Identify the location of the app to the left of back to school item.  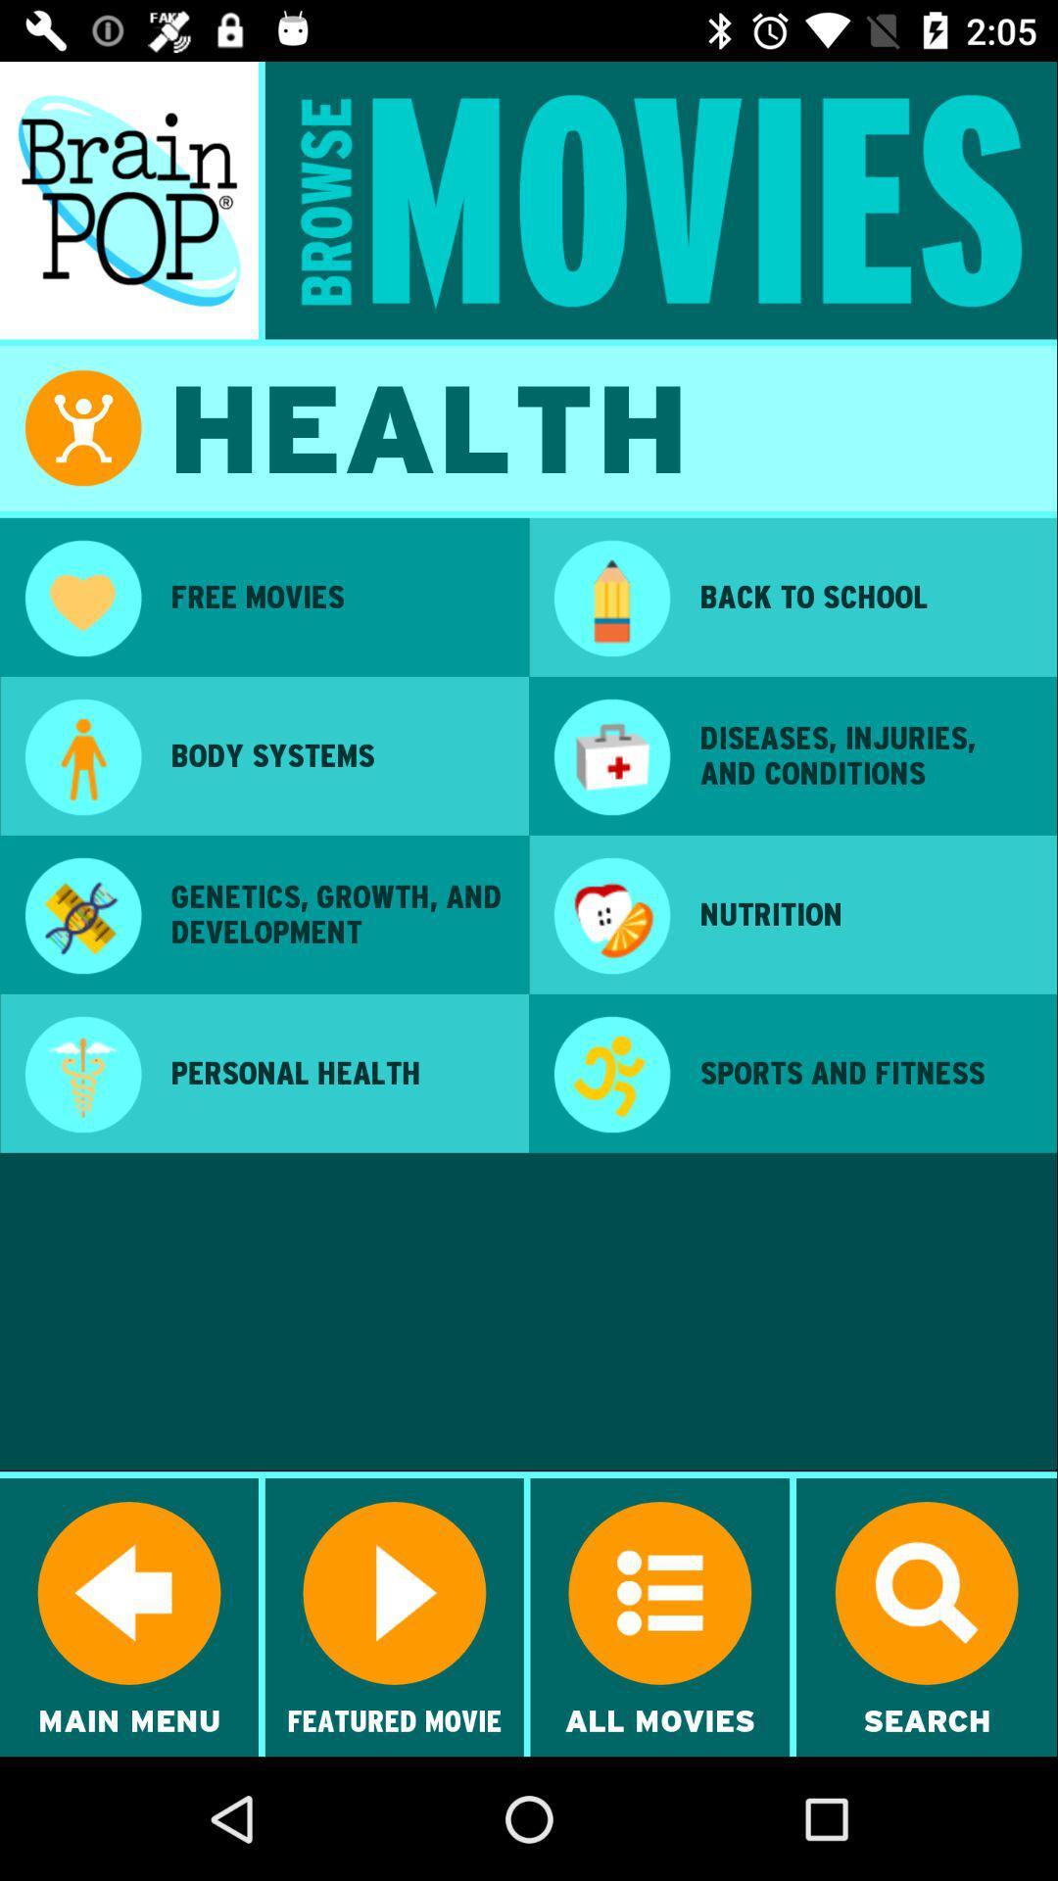
(610, 600).